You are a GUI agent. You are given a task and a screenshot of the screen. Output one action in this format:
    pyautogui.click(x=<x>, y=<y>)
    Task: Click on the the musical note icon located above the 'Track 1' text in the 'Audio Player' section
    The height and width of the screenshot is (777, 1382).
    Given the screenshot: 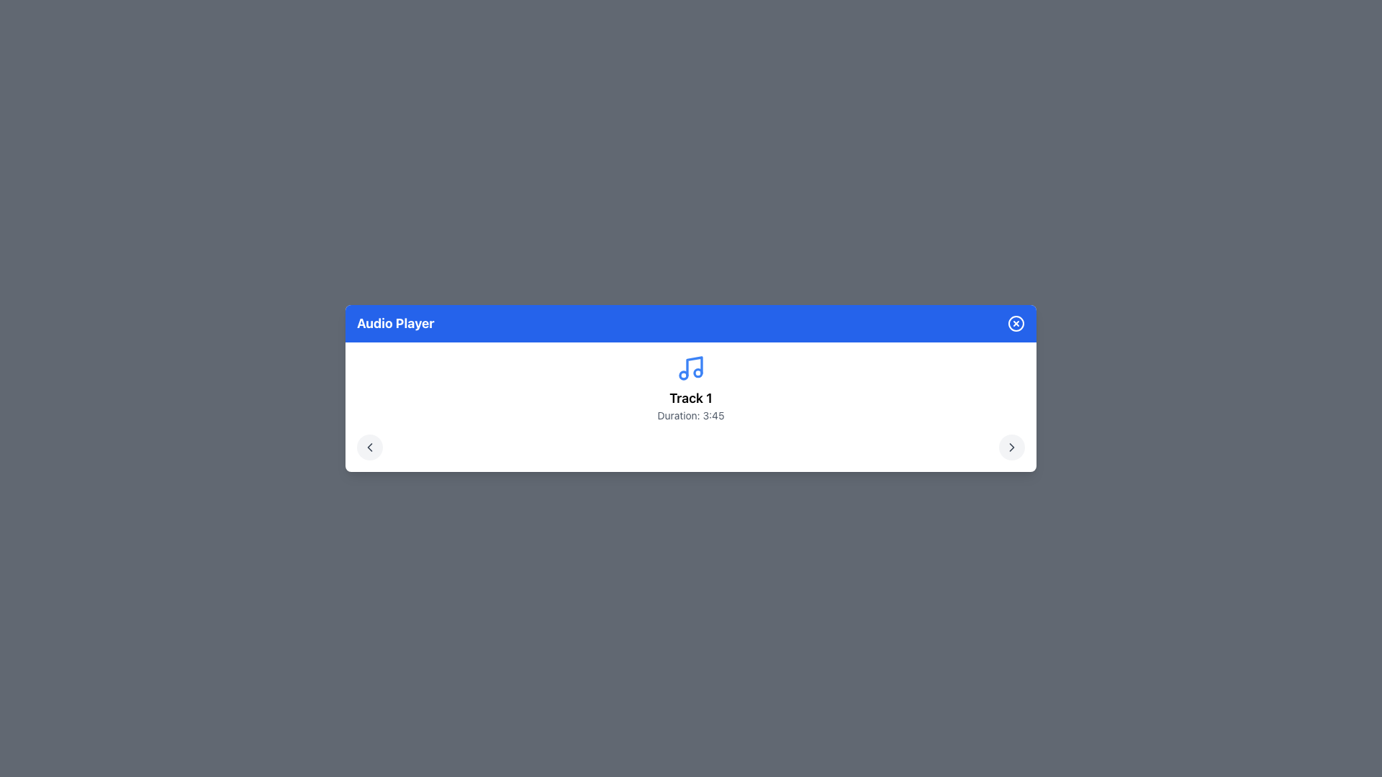 What is the action you would take?
    pyautogui.click(x=691, y=388)
    